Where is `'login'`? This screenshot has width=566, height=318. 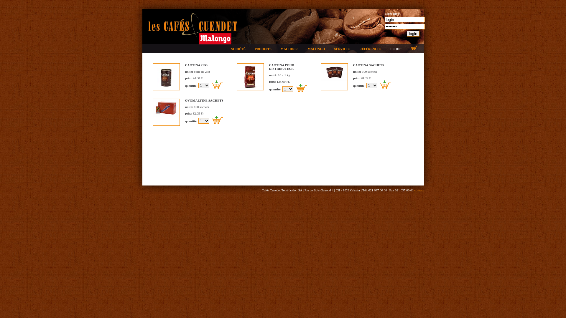 'login' is located at coordinates (413, 34).